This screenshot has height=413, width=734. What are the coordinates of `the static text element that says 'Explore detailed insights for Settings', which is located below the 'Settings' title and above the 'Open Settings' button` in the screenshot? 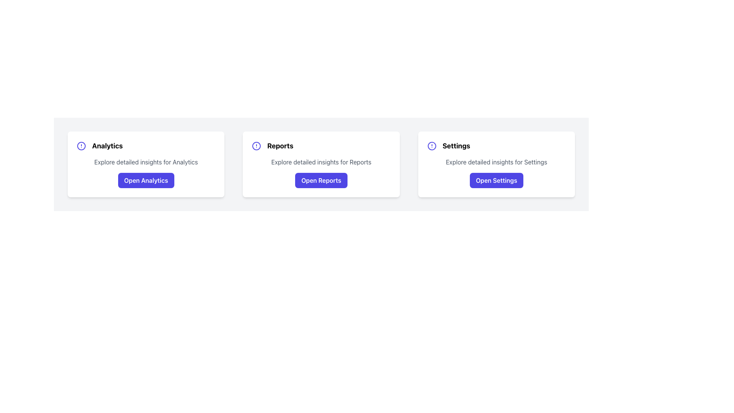 It's located at (496, 162).